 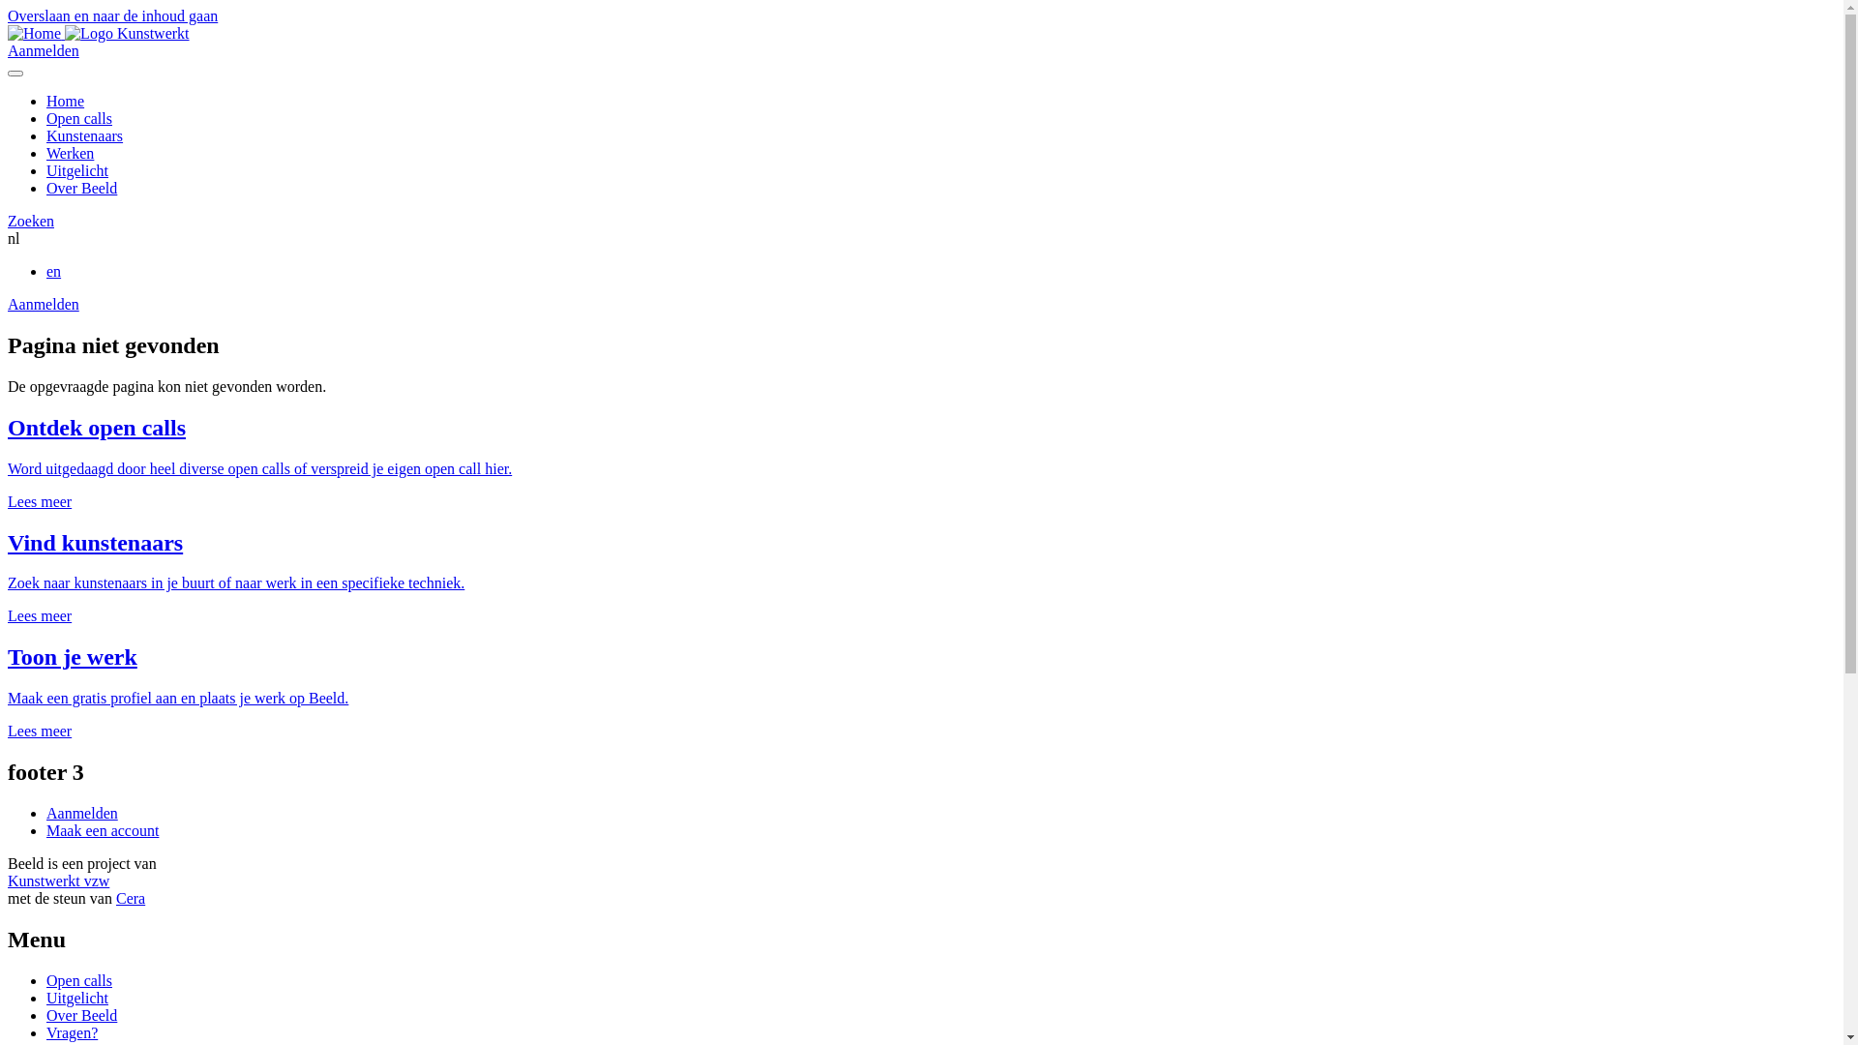 What do you see at coordinates (73, 655) in the screenshot?
I see `'Toon je werk'` at bounding box center [73, 655].